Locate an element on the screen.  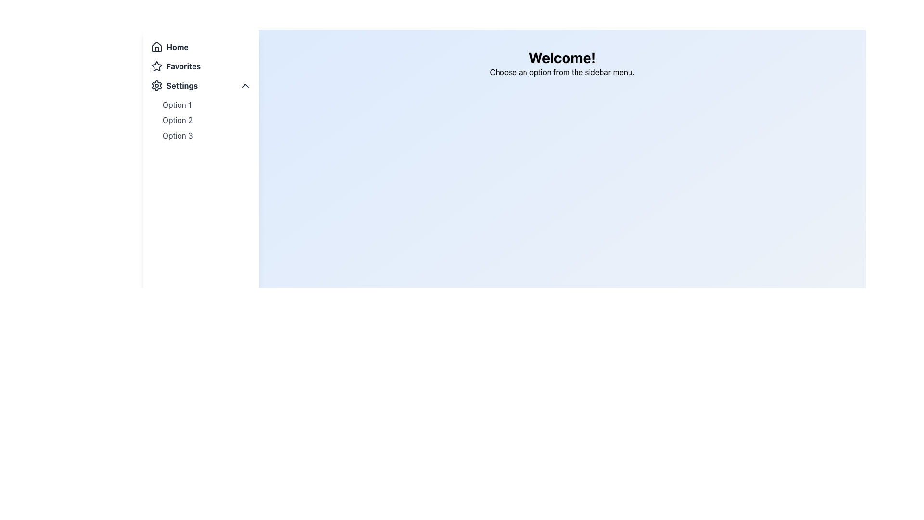
the bold, black-colored, large-sized text displaying "Welcome!" located at the top center of the main content area, directly above the text "Choose an option from the sidebar menu." is located at coordinates (562, 57).